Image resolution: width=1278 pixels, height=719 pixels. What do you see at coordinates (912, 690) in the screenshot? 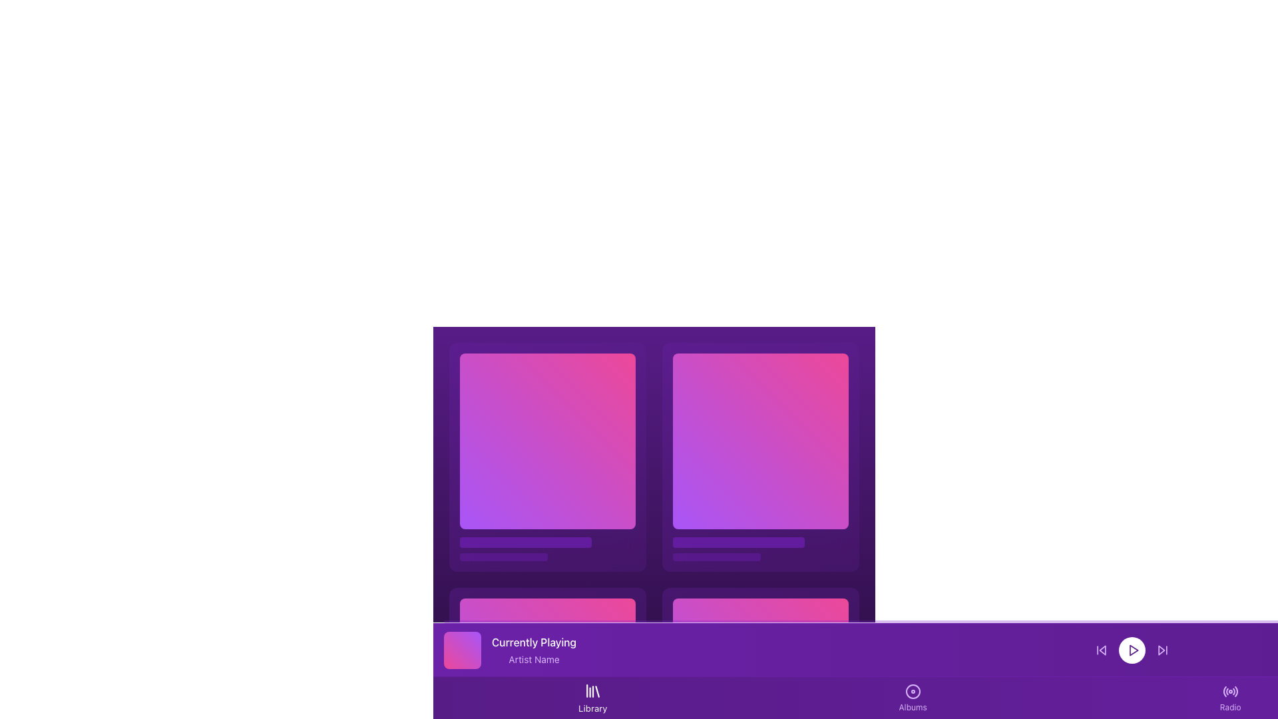
I see `the Circular decorative element that serves as a boundary for the 'Albums' icon located at the bottom navigation bar` at bounding box center [912, 690].